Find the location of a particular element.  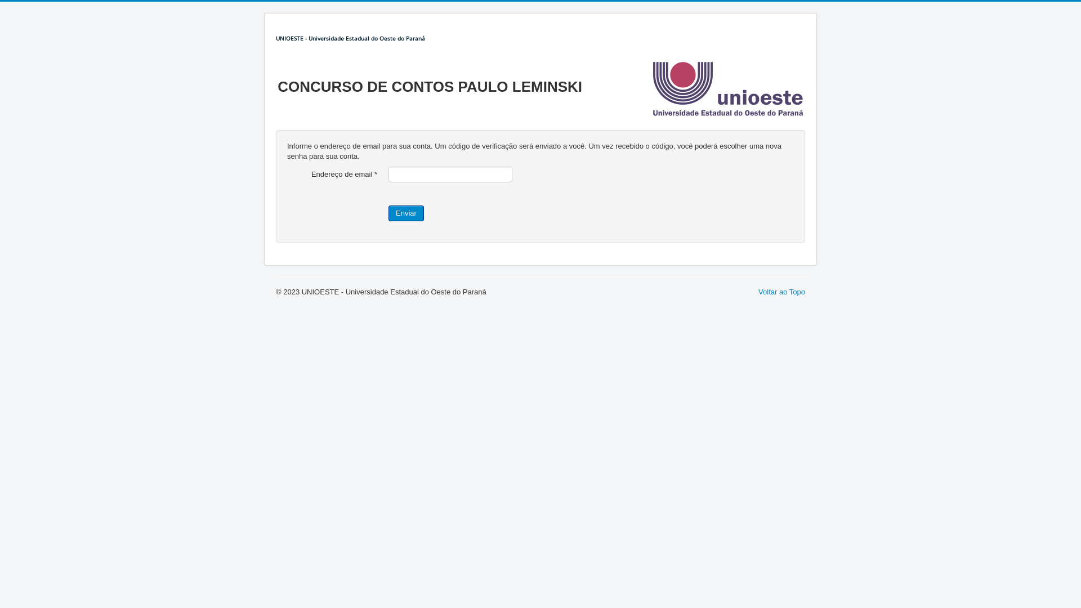

'Enviar' is located at coordinates (388, 213).